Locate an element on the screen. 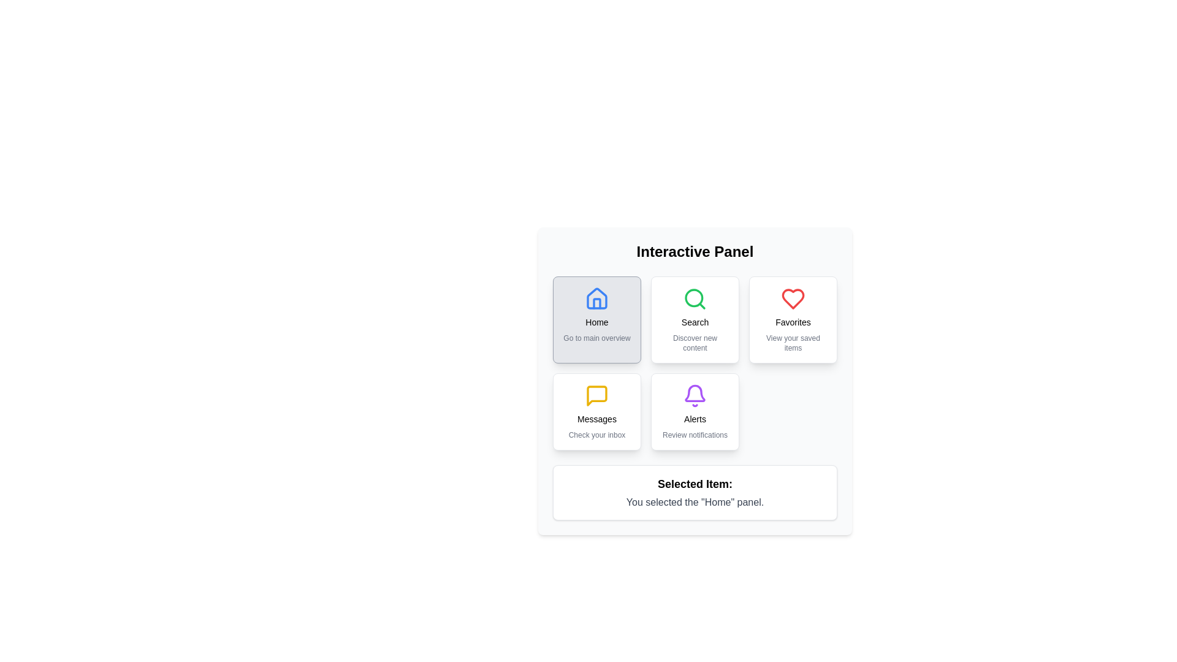 The height and width of the screenshot is (662, 1177). the house-shaped icon with a blue outline located in the upper portion of the 'Home' tile in the top-left corner of the grid layout is located at coordinates (597, 298).